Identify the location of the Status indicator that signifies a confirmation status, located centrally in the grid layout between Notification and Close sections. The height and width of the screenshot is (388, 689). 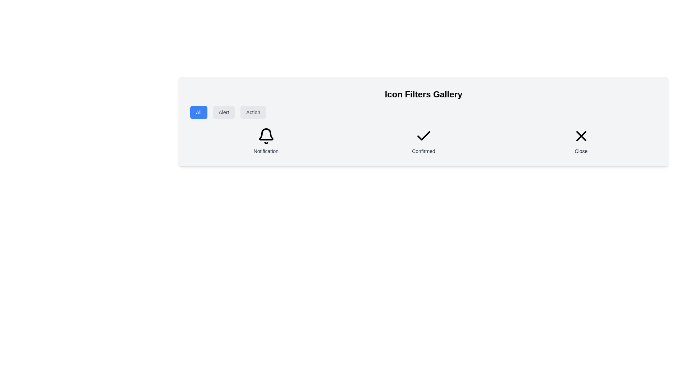
(423, 141).